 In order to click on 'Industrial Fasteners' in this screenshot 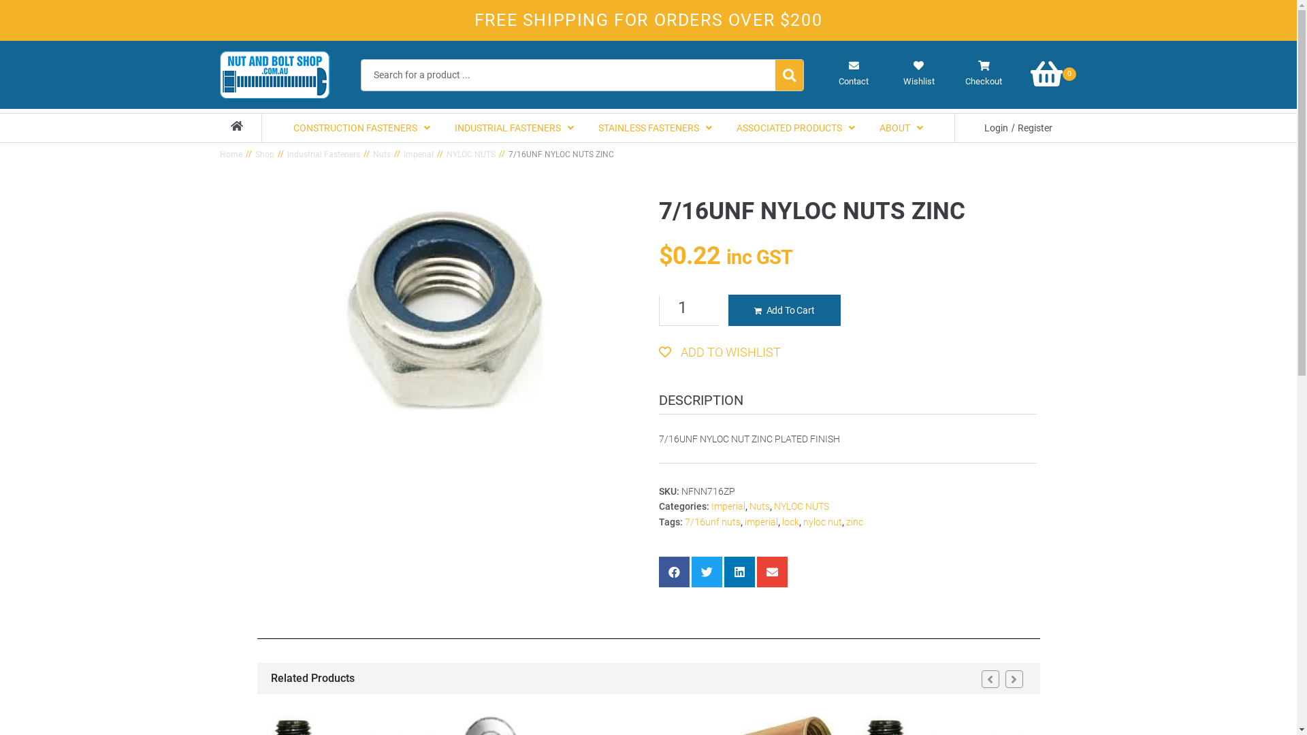, I will do `click(287, 154)`.